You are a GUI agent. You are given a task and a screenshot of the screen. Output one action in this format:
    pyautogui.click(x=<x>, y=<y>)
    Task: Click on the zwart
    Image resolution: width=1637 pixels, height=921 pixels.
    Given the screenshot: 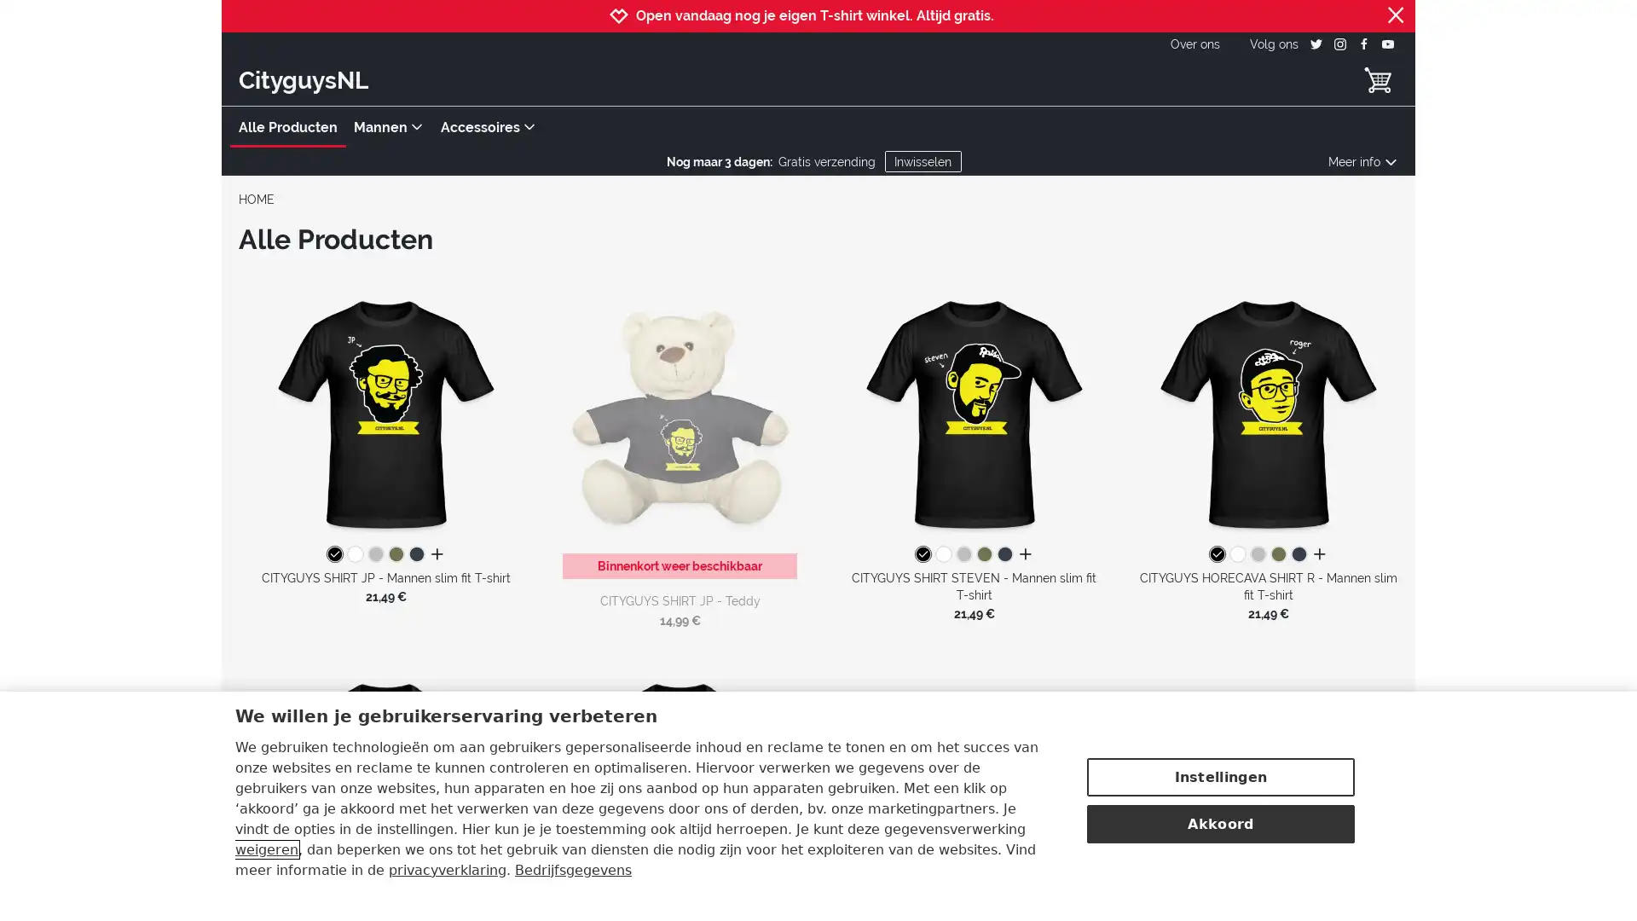 What is the action you would take?
    pyautogui.click(x=921, y=555)
    